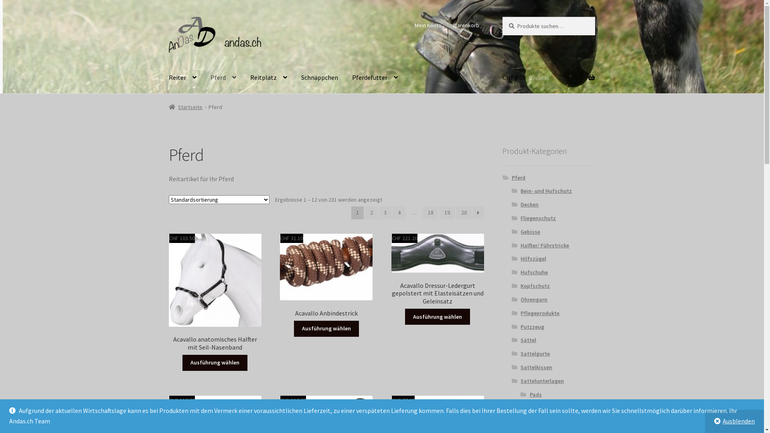  I want to click on 'Sattelkissen', so click(520, 367).